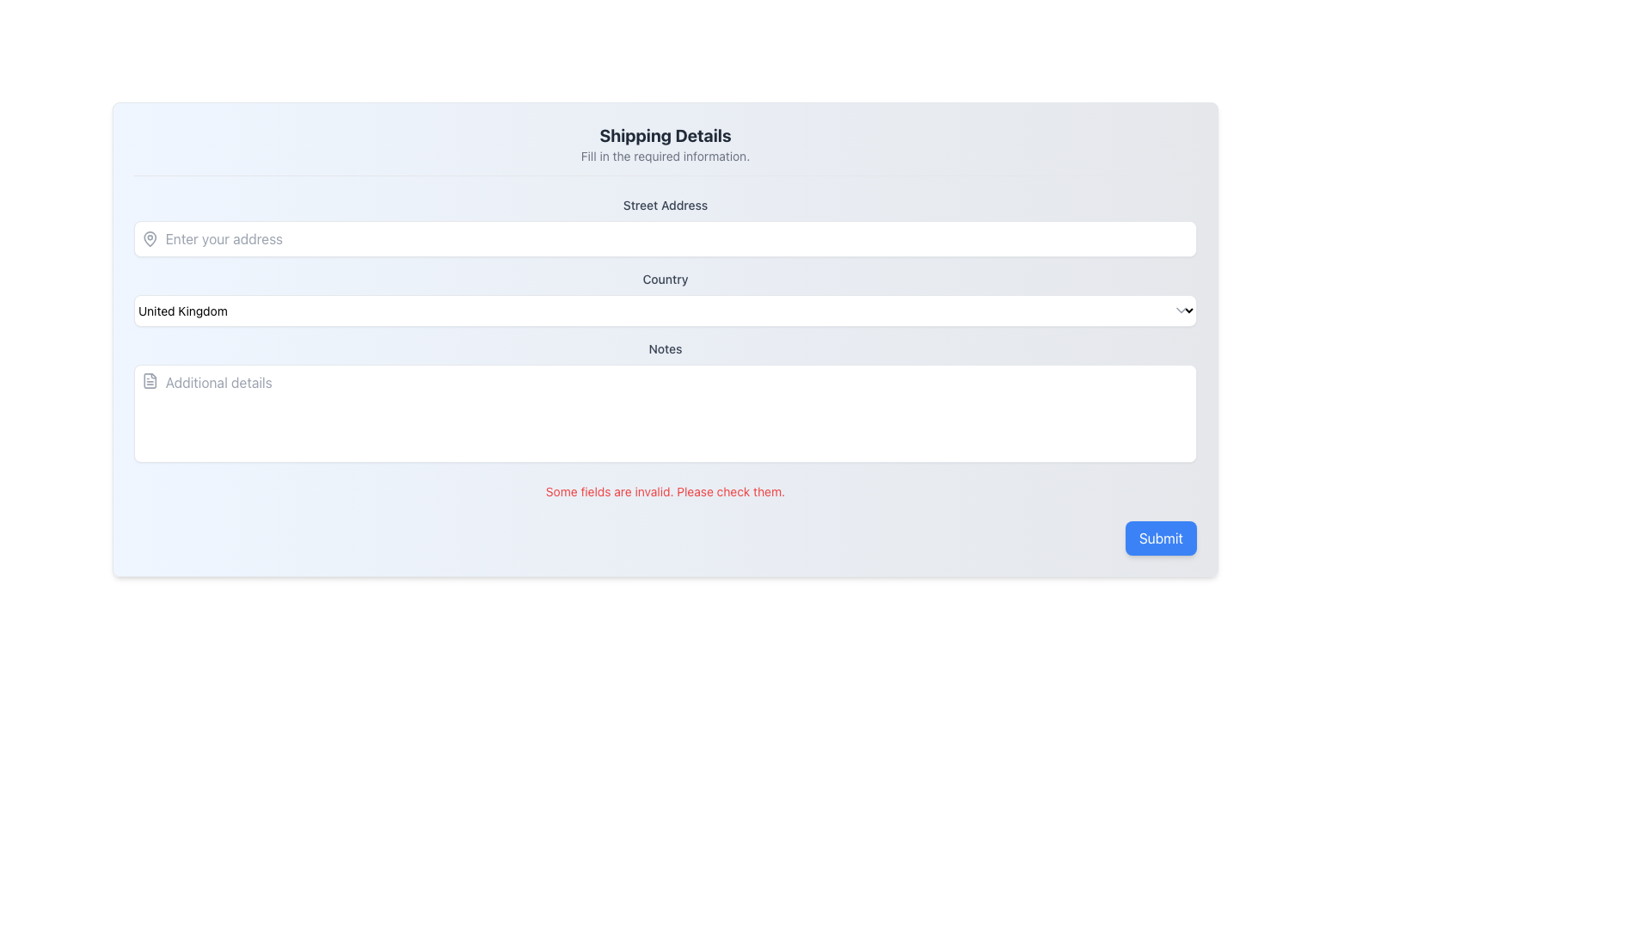 This screenshot has width=1651, height=929. What do you see at coordinates (664, 156) in the screenshot?
I see `the text label displaying 'Fill in the required information.' which is positioned beneath the 'Shipping Details' header` at bounding box center [664, 156].